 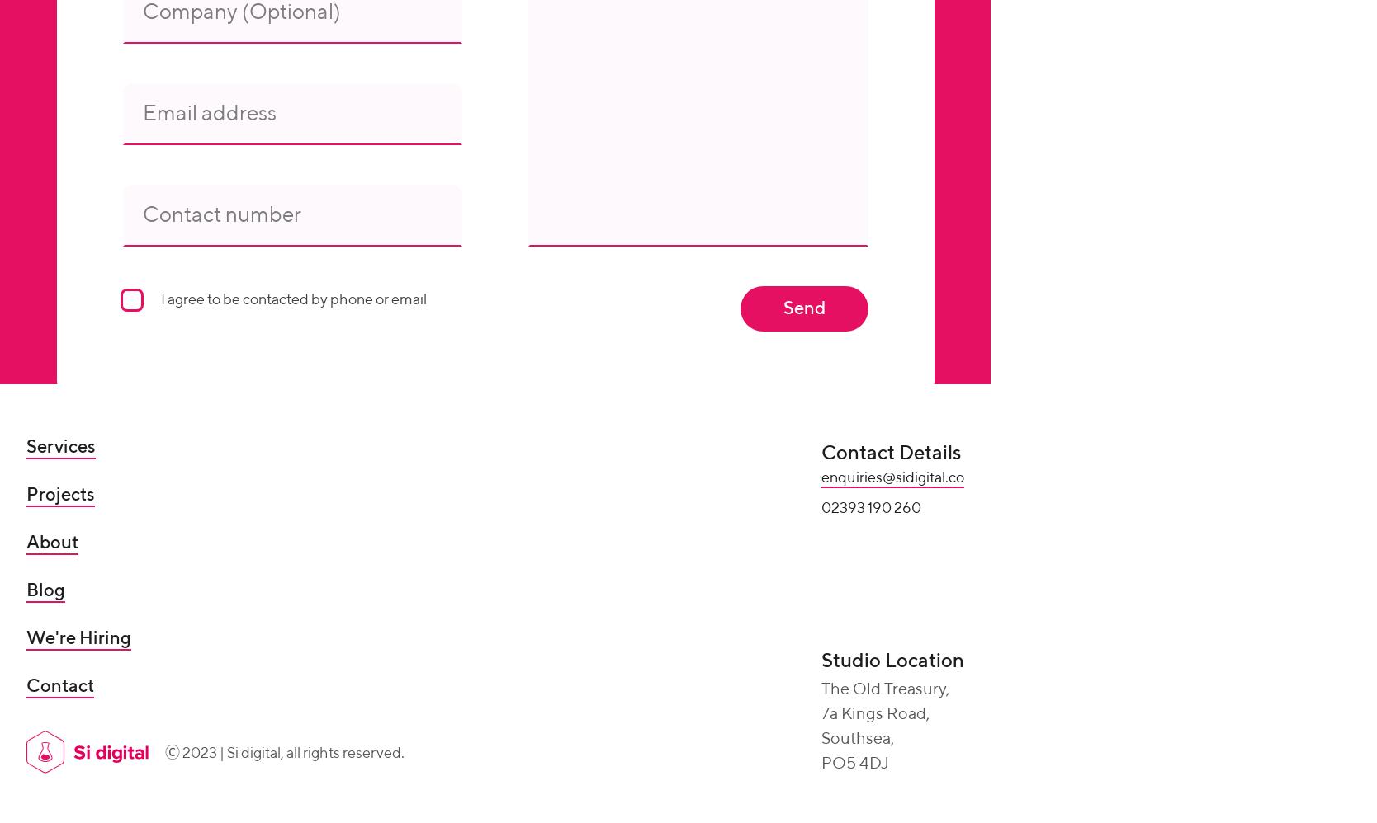 I want to click on 'Contact', so click(x=59, y=687).